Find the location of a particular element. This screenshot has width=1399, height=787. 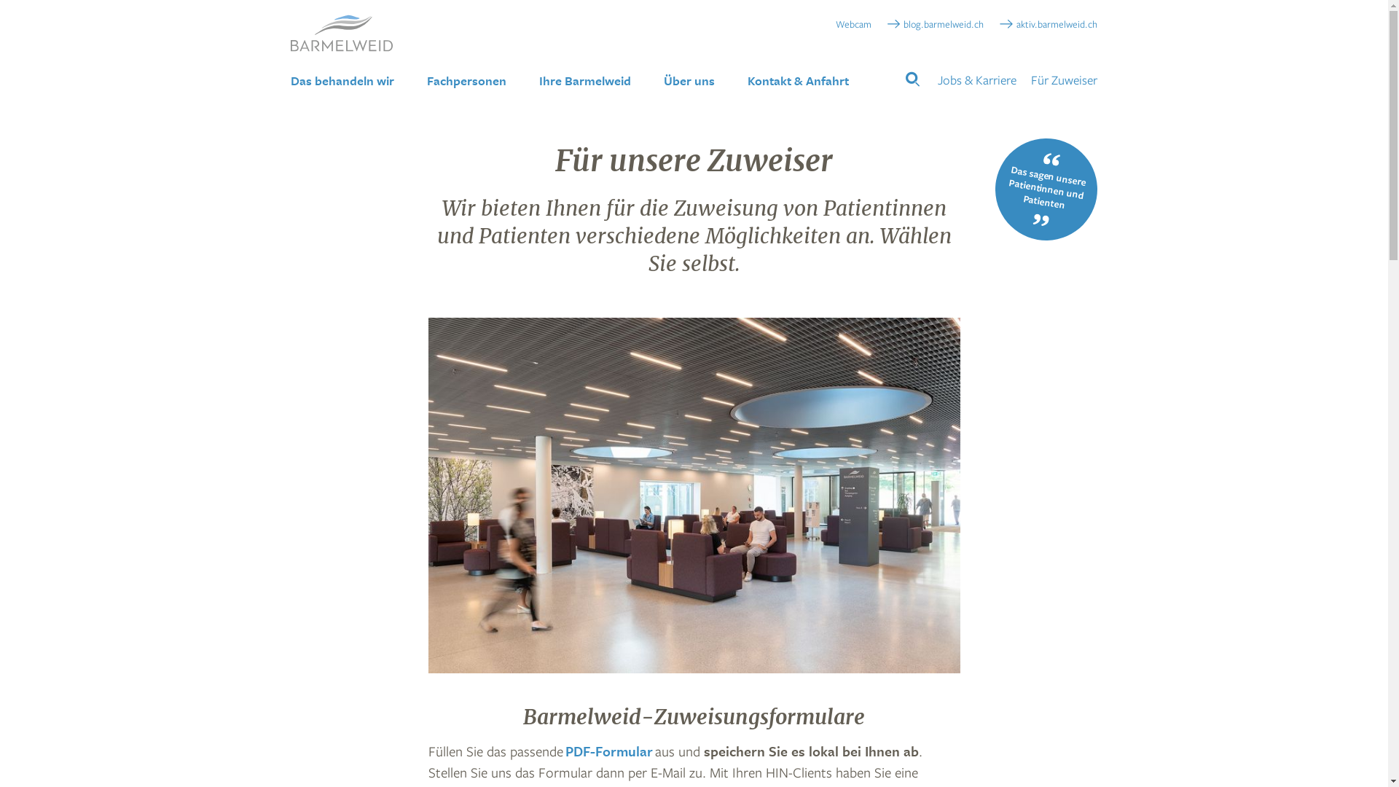

'Jobs & Karriere' is located at coordinates (976, 79).